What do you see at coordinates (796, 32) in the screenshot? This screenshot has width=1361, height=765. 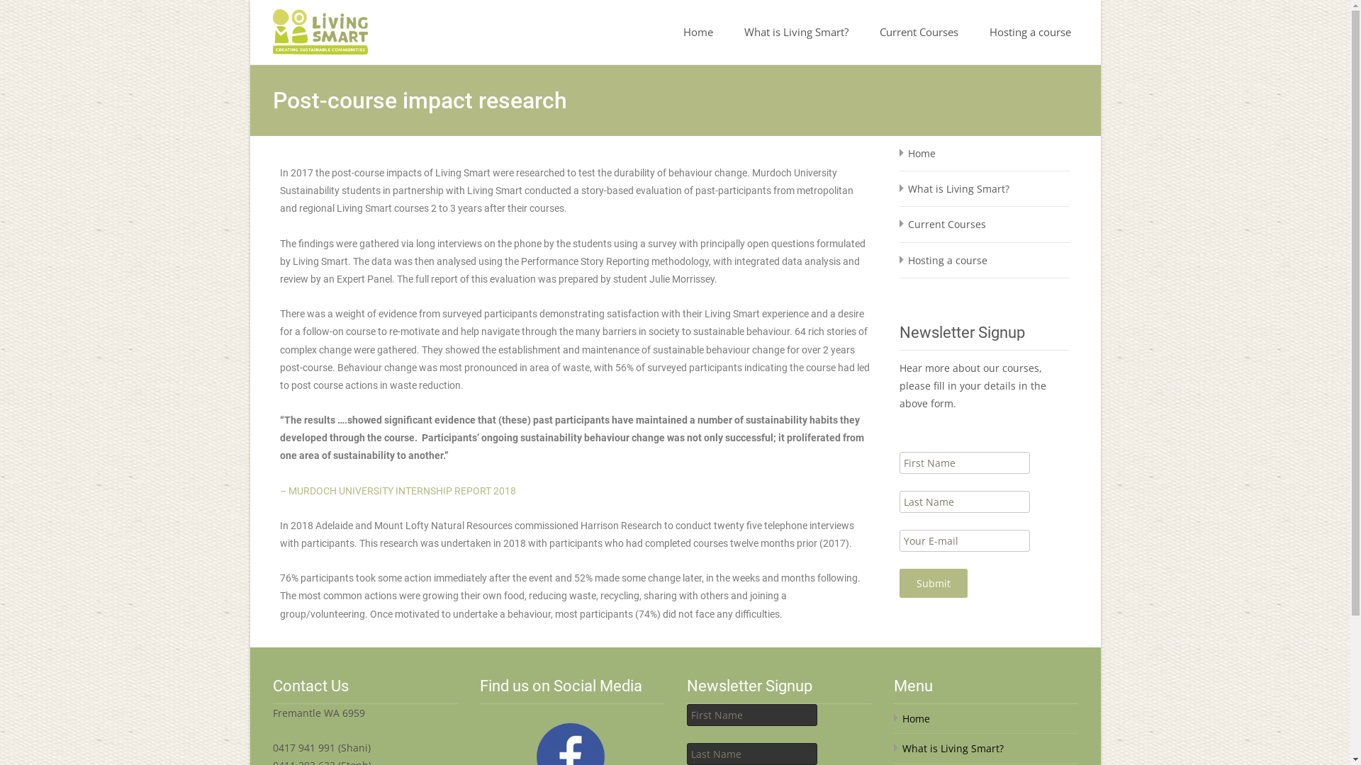 I see `'What is Living Smart?'` at bounding box center [796, 32].